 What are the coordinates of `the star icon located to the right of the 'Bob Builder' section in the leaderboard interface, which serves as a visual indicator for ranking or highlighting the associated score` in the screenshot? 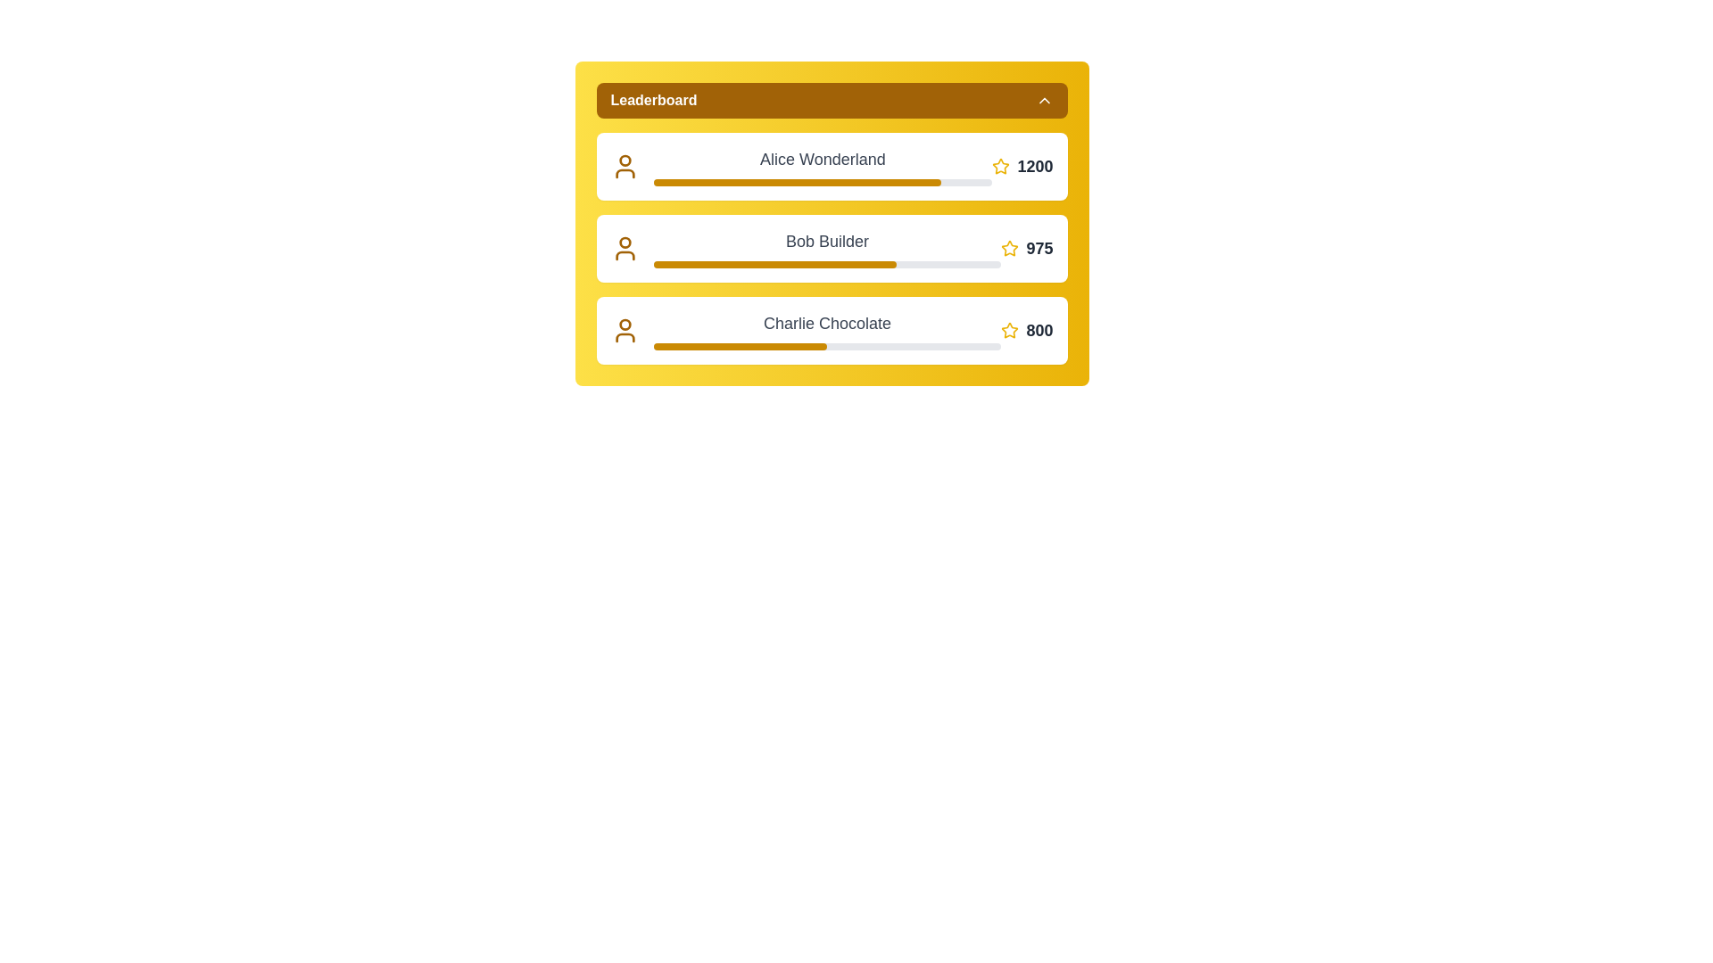 It's located at (1010, 248).